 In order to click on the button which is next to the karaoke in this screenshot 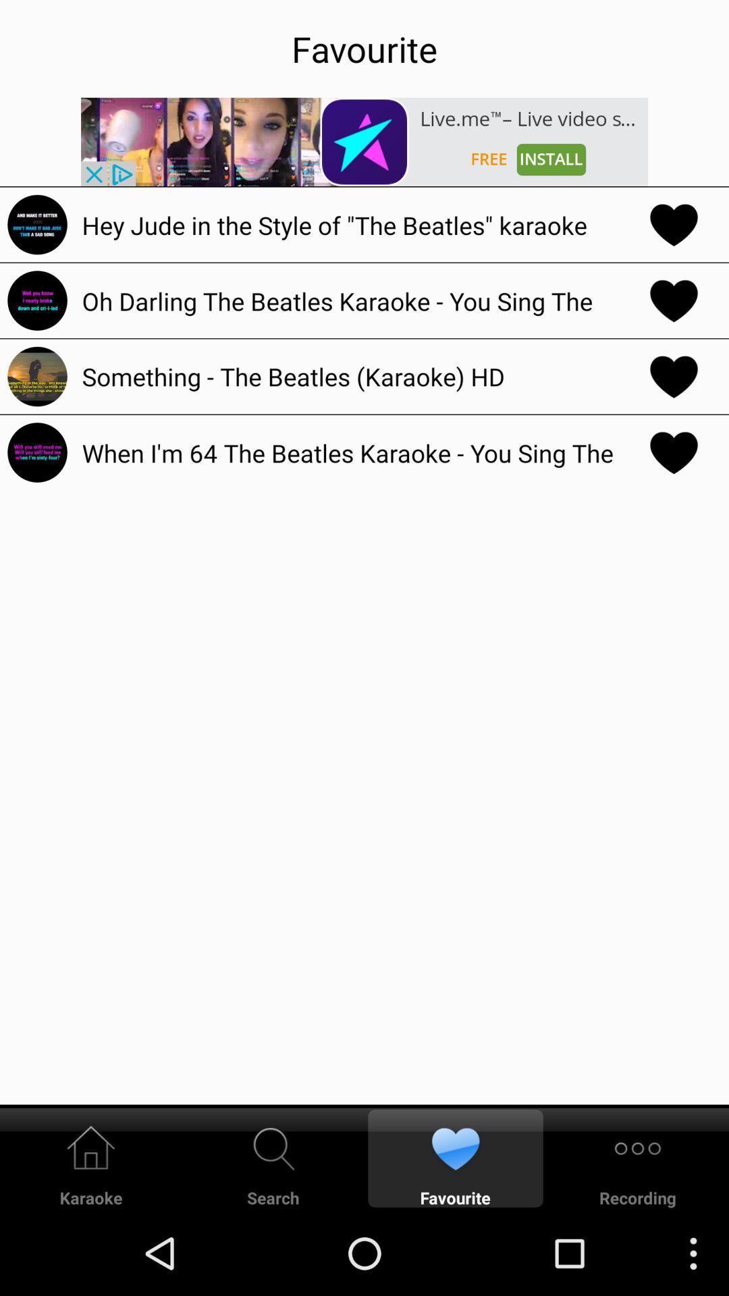, I will do `click(273, 1157)`.